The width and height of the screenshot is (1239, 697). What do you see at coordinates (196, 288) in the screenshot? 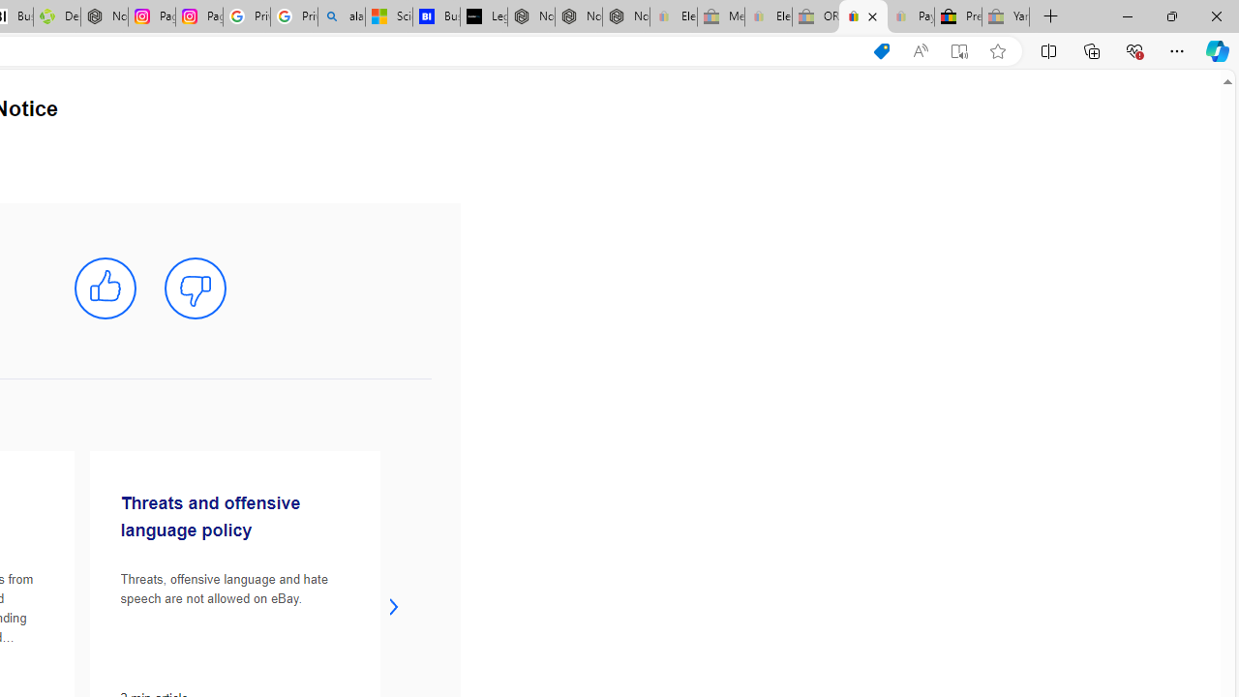
I see `'mark this article not helpful'` at bounding box center [196, 288].